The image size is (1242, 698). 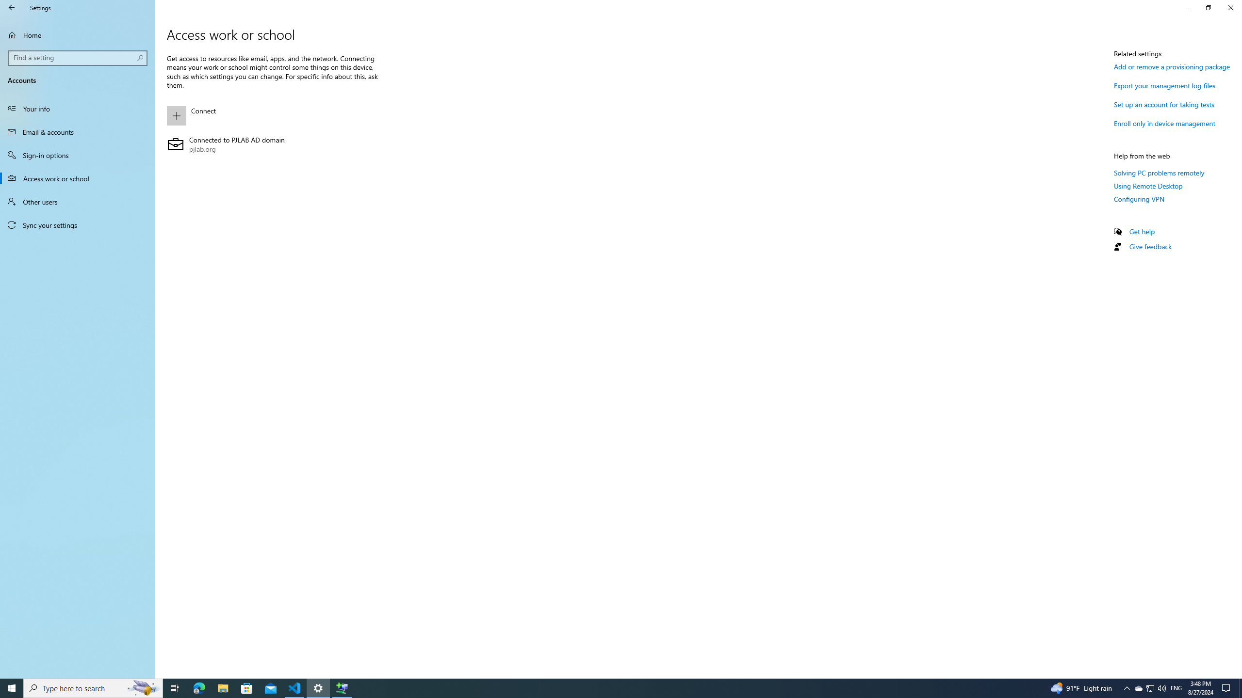 What do you see at coordinates (1165, 123) in the screenshot?
I see `'Enroll only in device management'` at bounding box center [1165, 123].